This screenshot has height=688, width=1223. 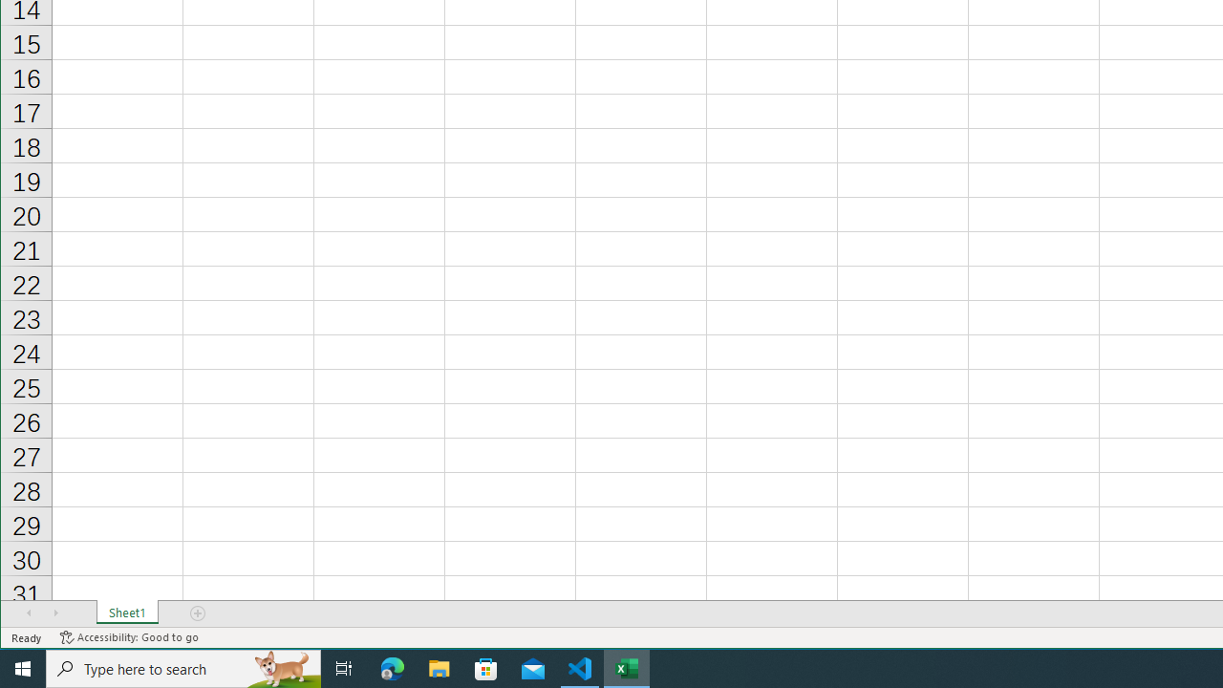 What do you see at coordinates (281, 667) in the screenshot?
I see `'Search highlights icon opens search home window'` at bounding box center [281, 667].